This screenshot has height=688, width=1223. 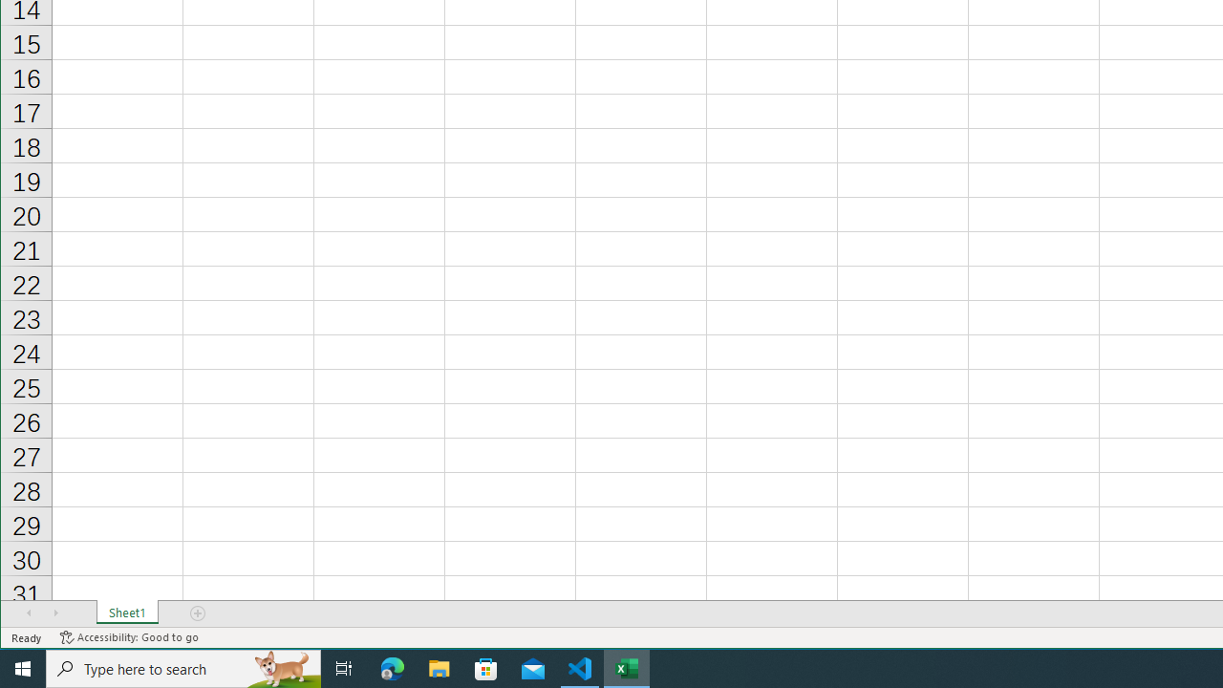 What do you see at coordinates (281, 667) in the screenshot?
I see `'Search highlights icon opens search home window'` at bounding box center [281, 667].